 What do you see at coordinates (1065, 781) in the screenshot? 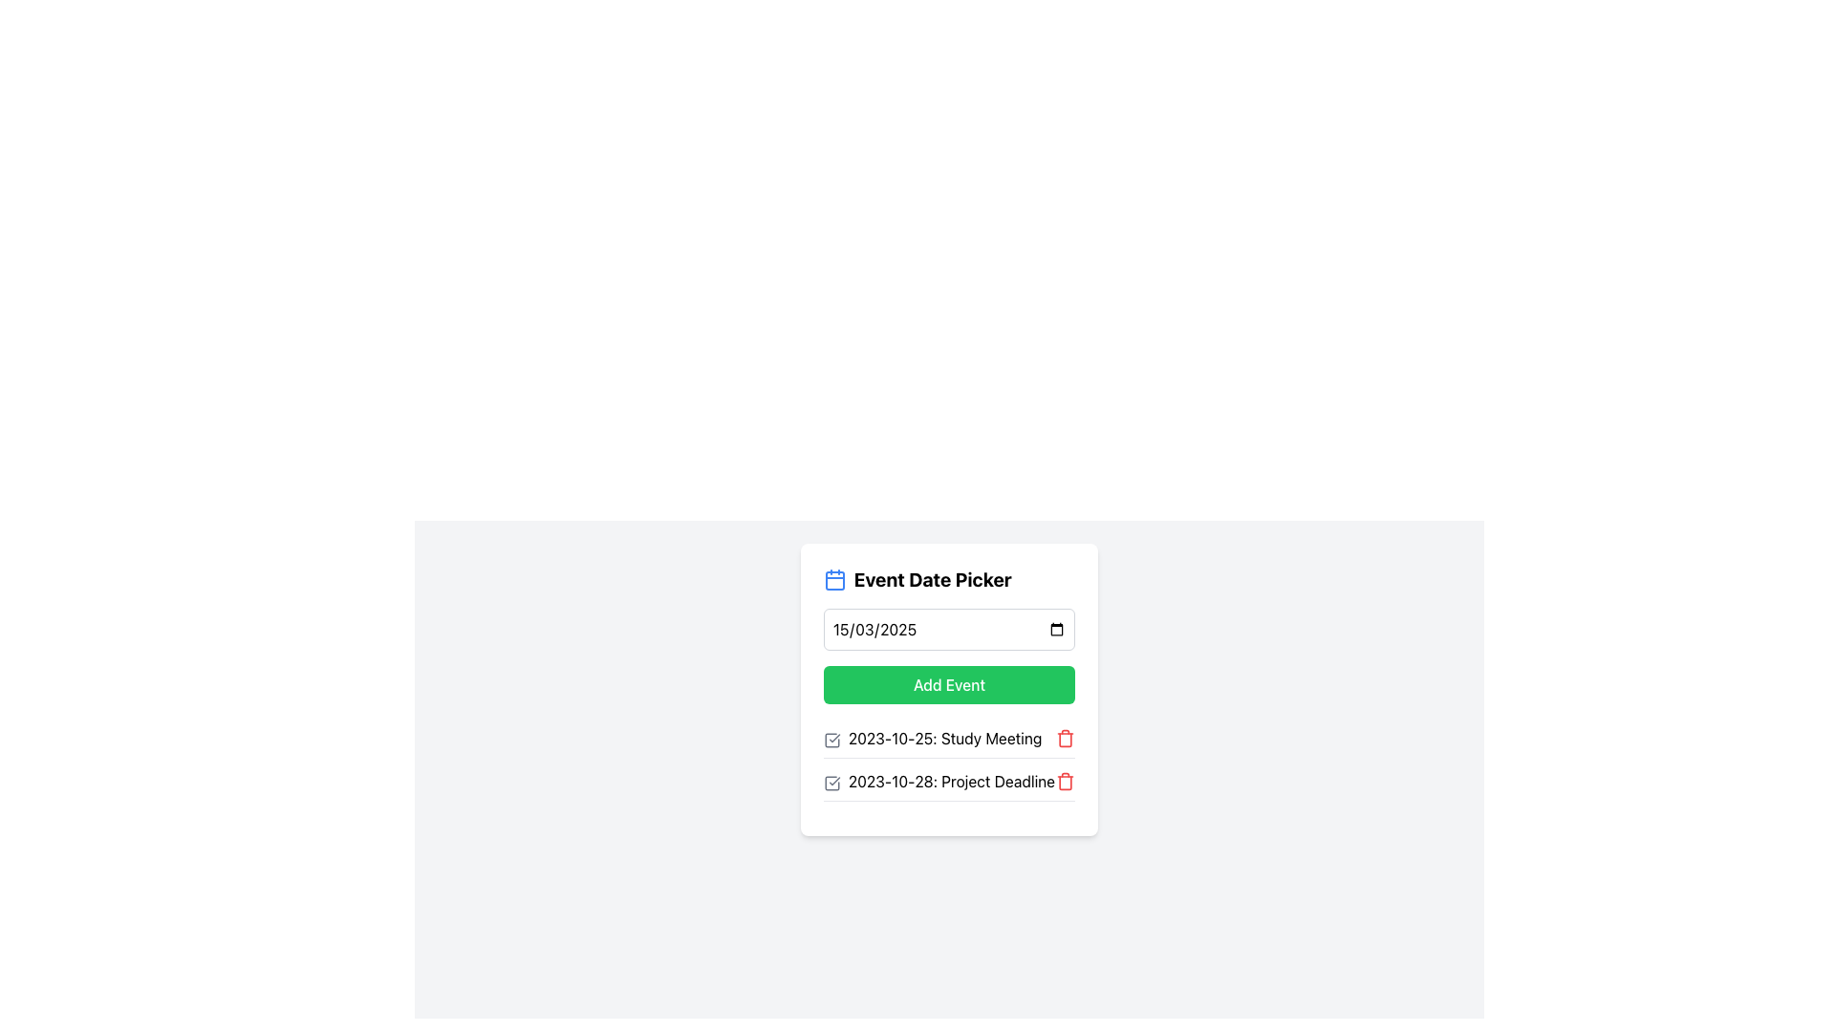
I see `the delete button located to the far right of the text '2023-10-28: Project Deadline'` at bounding box center [1065, 781].